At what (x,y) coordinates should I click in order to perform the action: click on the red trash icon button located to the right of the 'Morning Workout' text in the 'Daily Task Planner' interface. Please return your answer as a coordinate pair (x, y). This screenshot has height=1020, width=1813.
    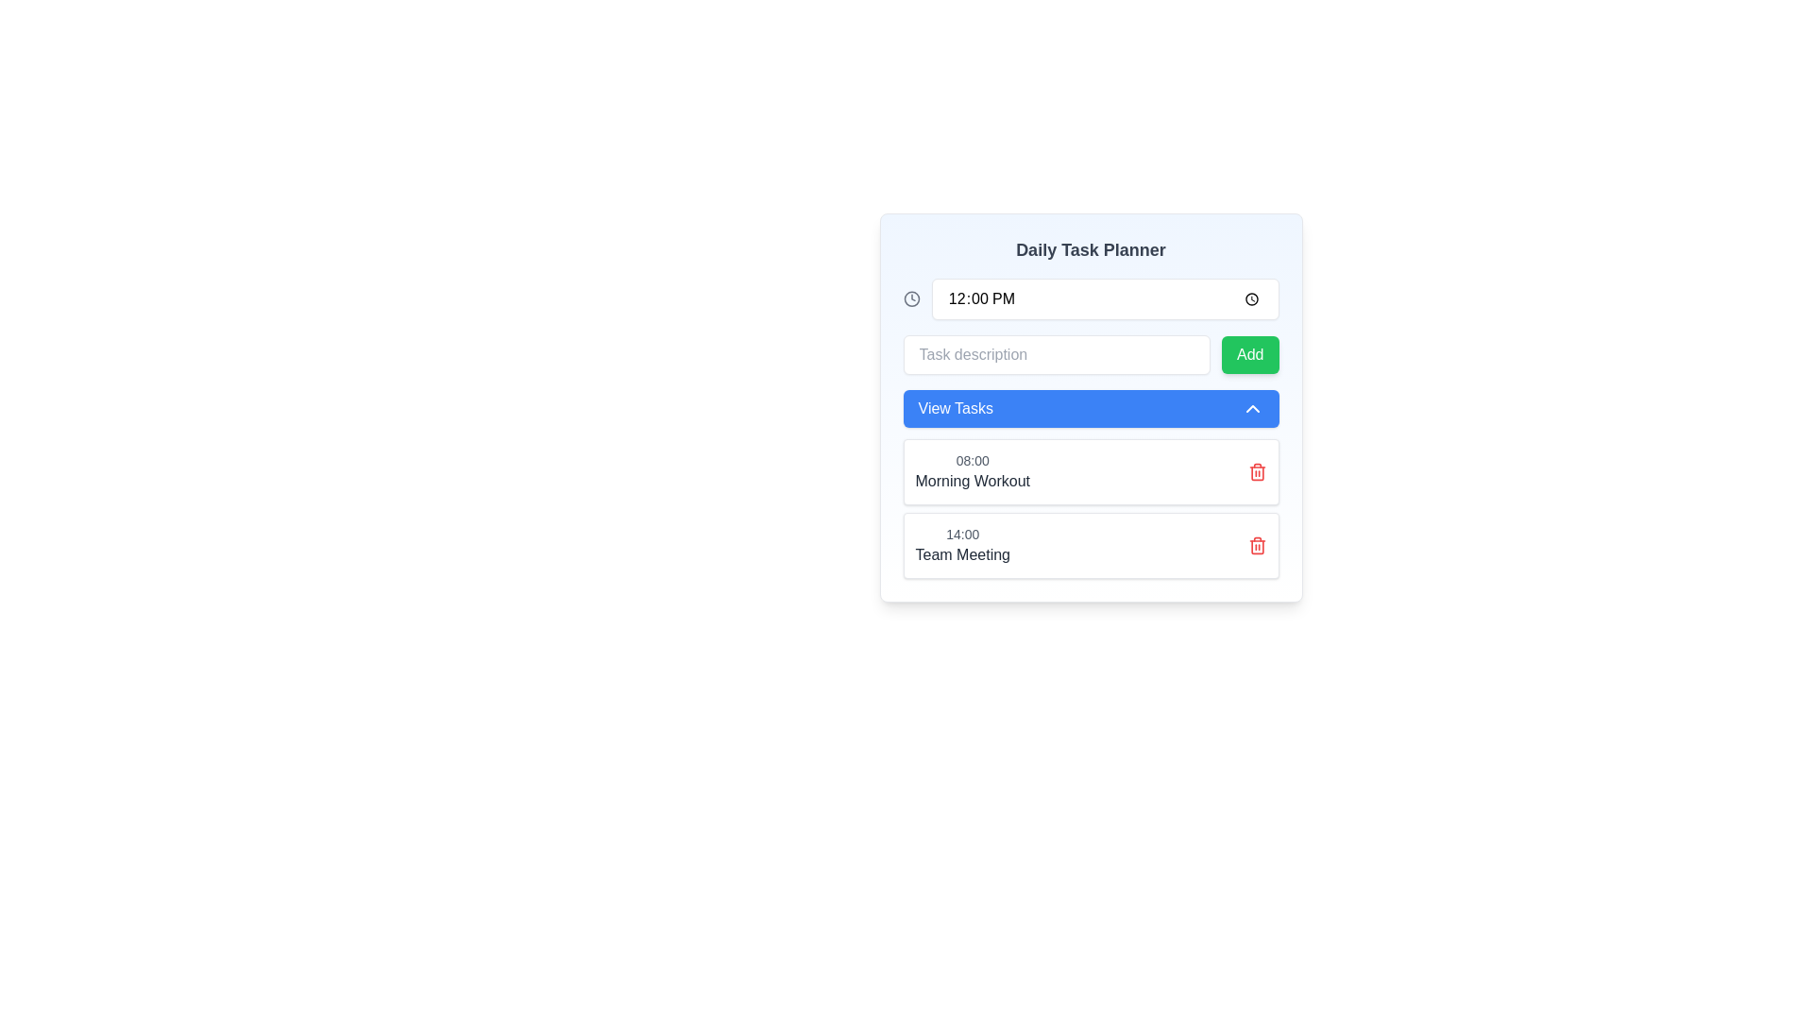
    Looking at the image, I should click on (1257, 471).